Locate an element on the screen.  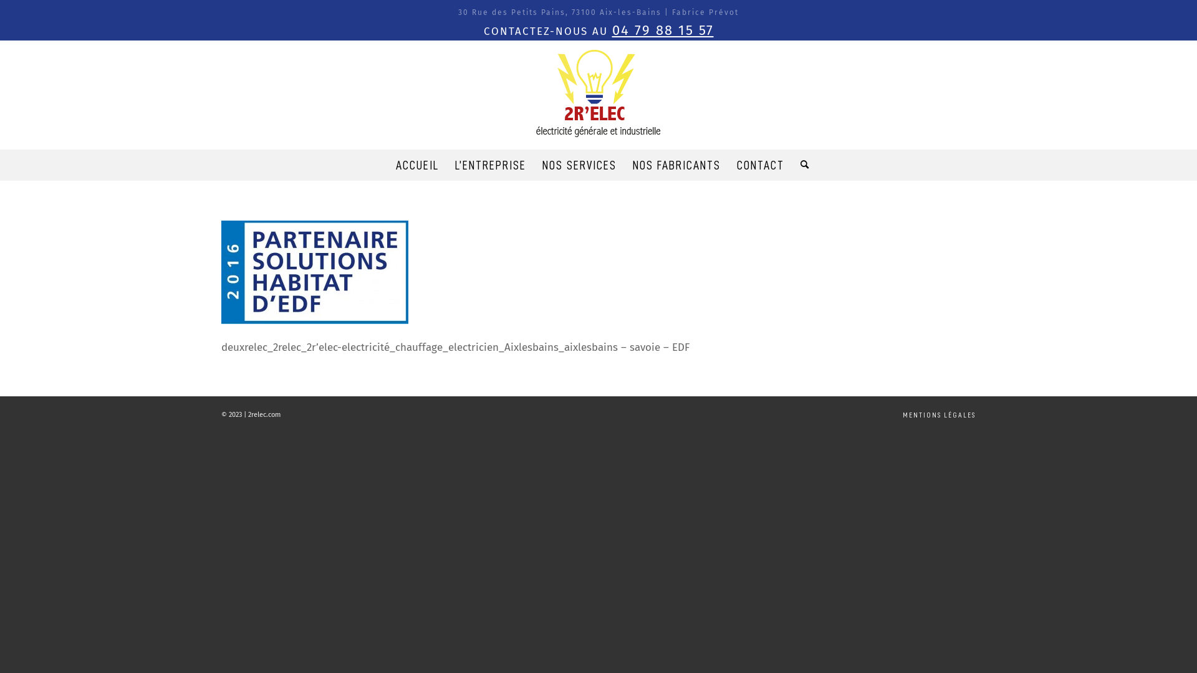
'04 79 88 15 57' is located at coordinates (612, 29).